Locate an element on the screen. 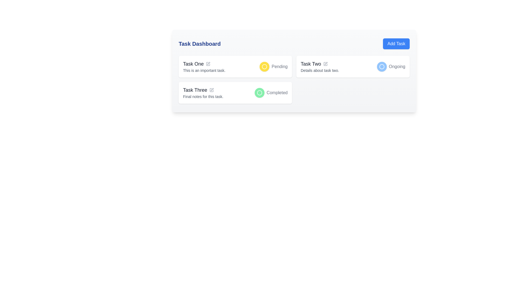 The image size is (523, 294). the text element displaying 'This is an important task.', which is styled in small gray text and located beneath the 'Task One' title is located at coordinates (204, 70).